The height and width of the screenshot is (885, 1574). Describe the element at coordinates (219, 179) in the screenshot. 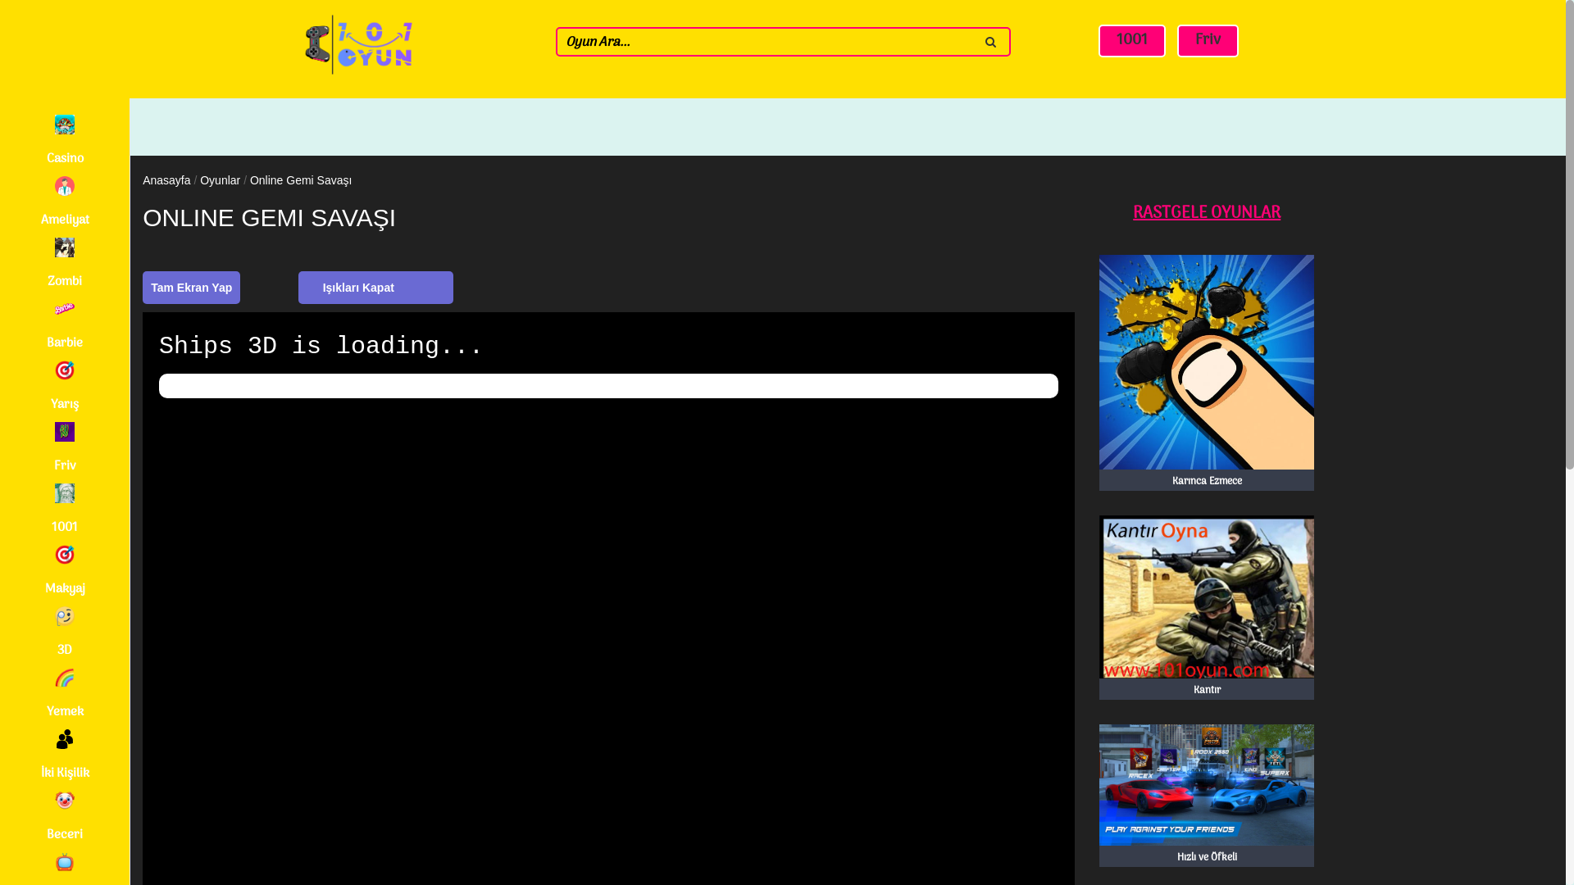

I see `'Oyunlar'` at that location.